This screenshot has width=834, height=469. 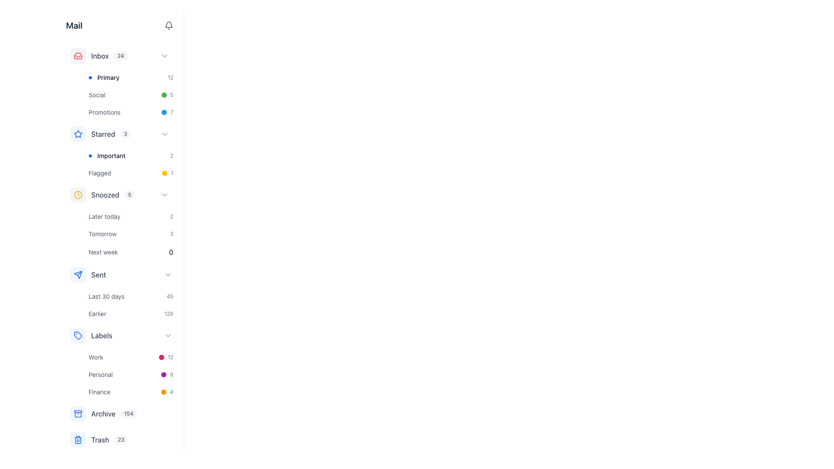 What do you see at coordinates (121, 335) in the screenshot?
I see `the center of the 'Labels' button` at bounding box center [121, 335].